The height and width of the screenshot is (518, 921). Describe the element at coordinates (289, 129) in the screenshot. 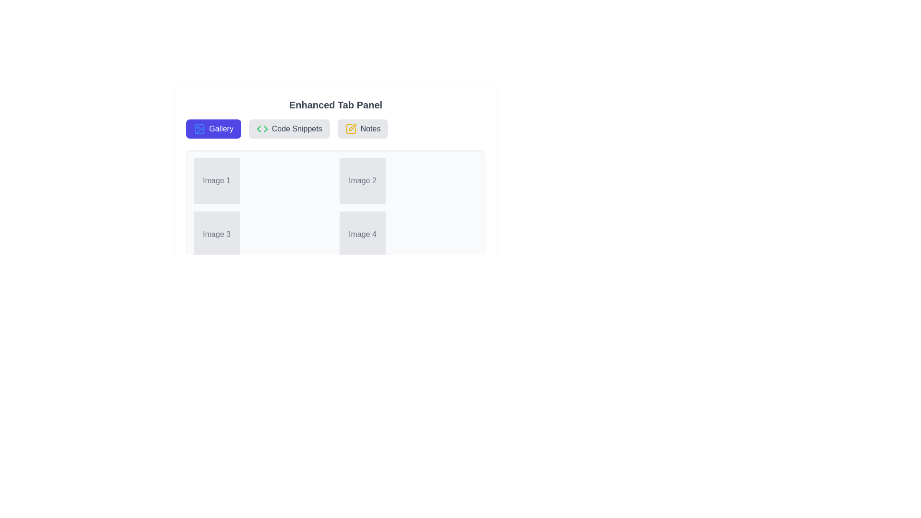

I see `the Code Snippets tab button to observe its hover effect` at that location.